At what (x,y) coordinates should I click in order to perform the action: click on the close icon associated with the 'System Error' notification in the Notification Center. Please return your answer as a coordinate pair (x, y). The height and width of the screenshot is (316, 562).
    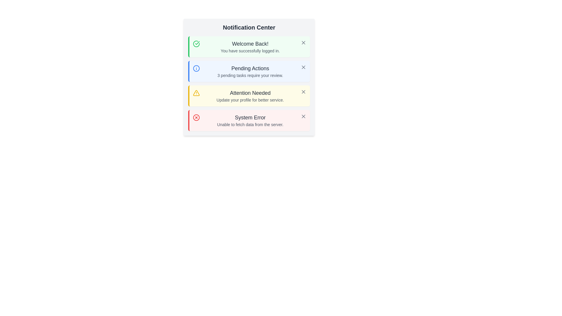
    Looking at the image, I should click on (303, 116).